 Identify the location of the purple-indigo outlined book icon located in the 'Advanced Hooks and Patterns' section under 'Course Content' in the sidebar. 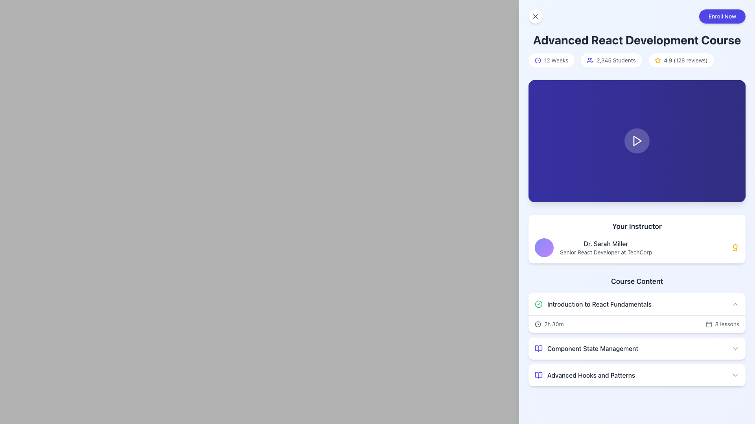
(538, 375).